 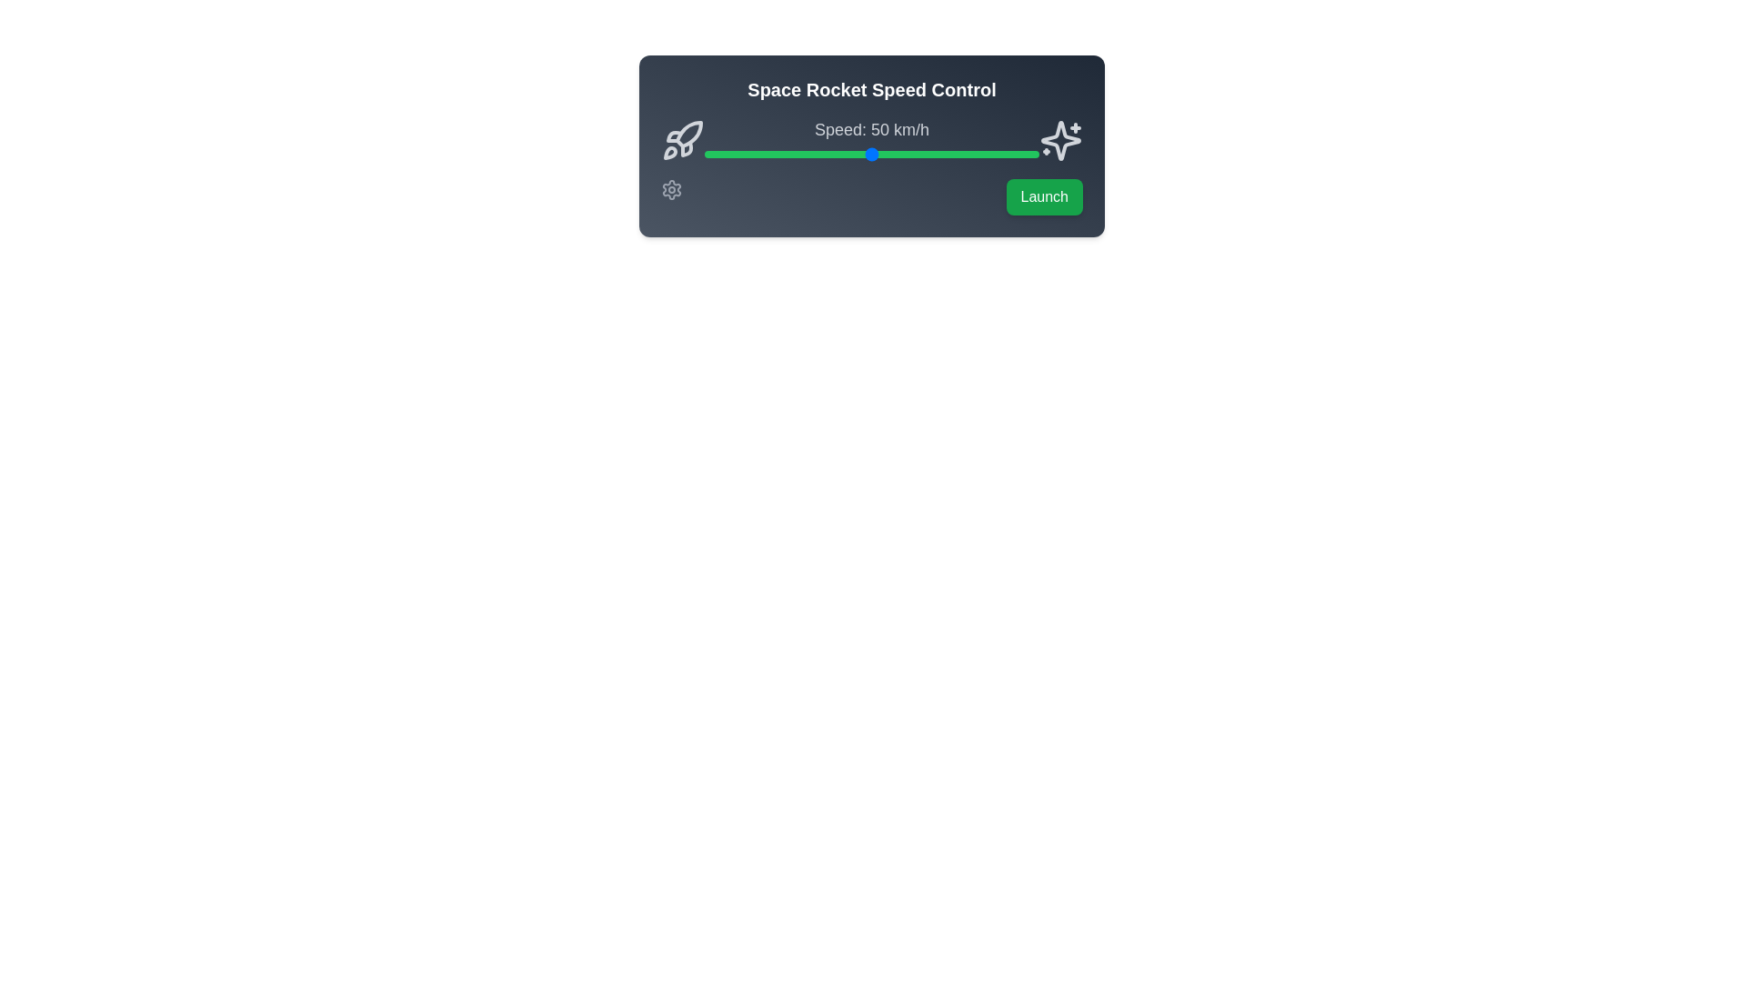 I want to click on the speed slider to set the speed to 51 km/h, so click(x=875, y=153).